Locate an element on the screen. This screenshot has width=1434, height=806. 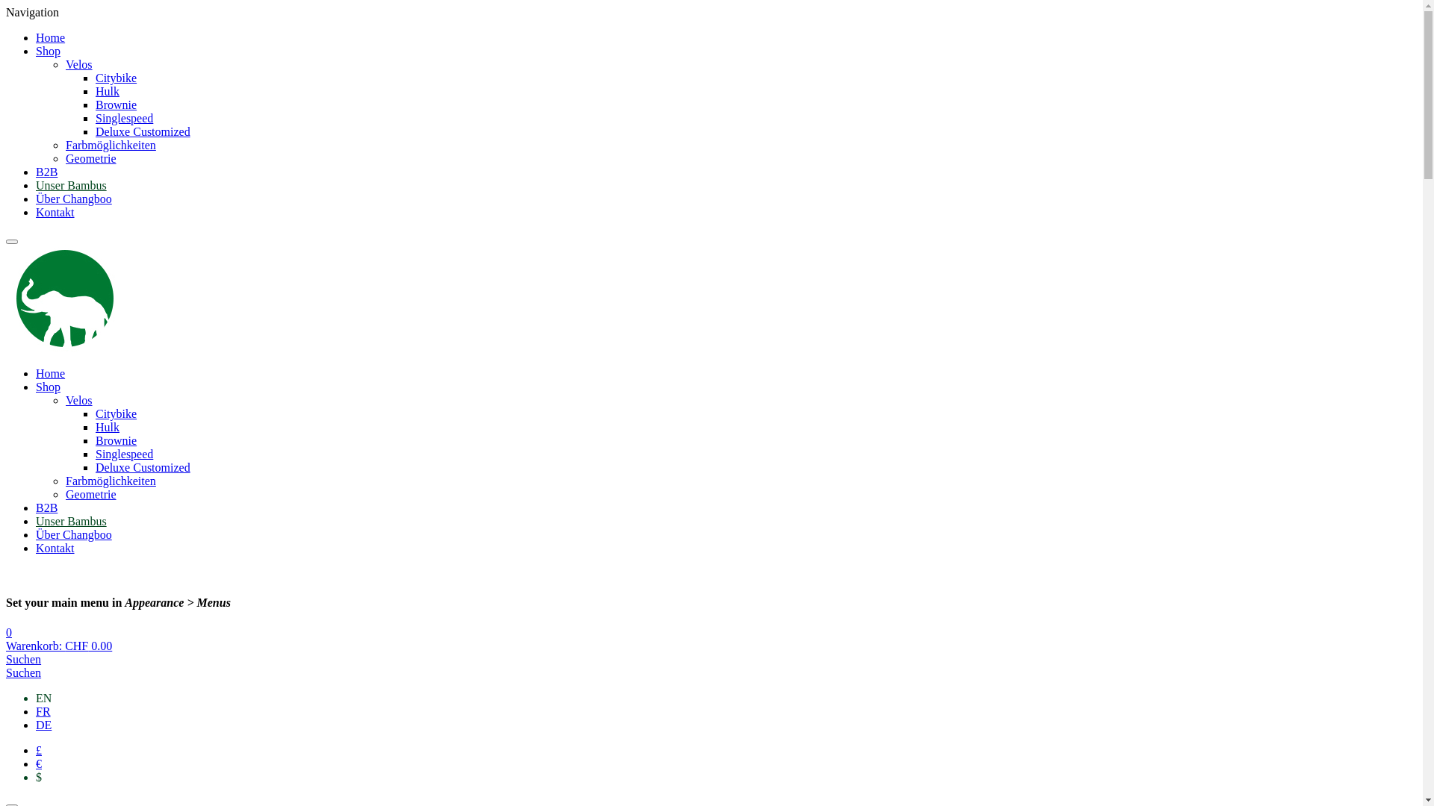
'FR' is located at coordinates (36, 710).